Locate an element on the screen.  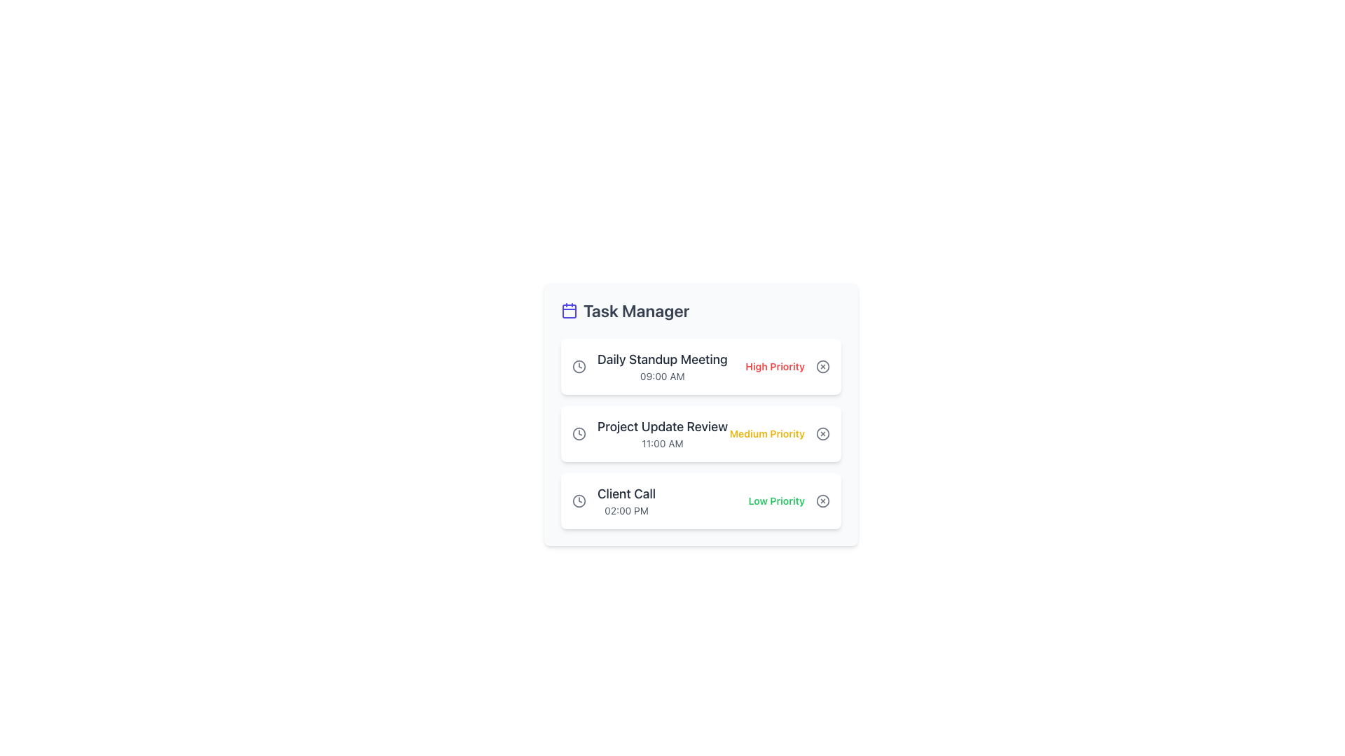
the text label displaying the time '02:00 PM', which is located below the 'Client Call' text in a task card layout is located at coordinates (626, 510).